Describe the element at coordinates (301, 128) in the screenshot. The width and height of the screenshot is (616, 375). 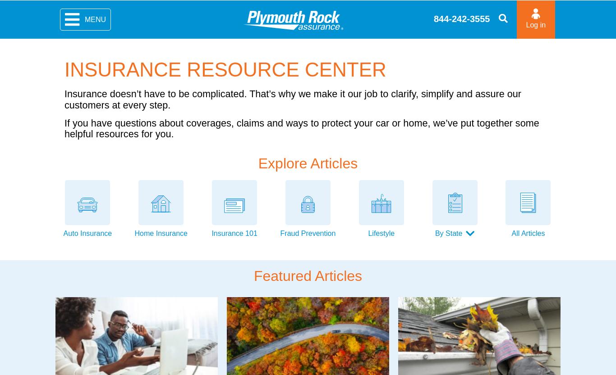
I see `'If you have questions about coverages, claims and ways to protect your car or home, we’ve put together some helpful resources for you.'` at that location.